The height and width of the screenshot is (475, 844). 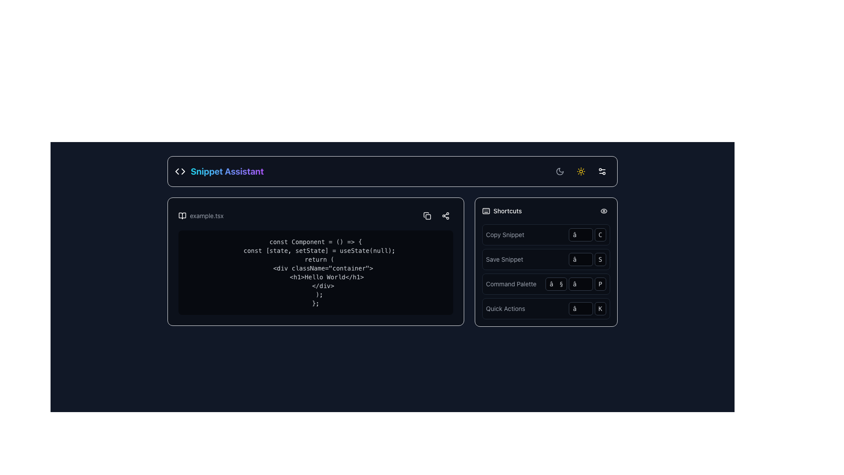 I want to click on the content of the Shortcut indicator displaying '⌘S' in the 'Shortcuts' section under 'Save Snippet', so click(x=587, y=259).